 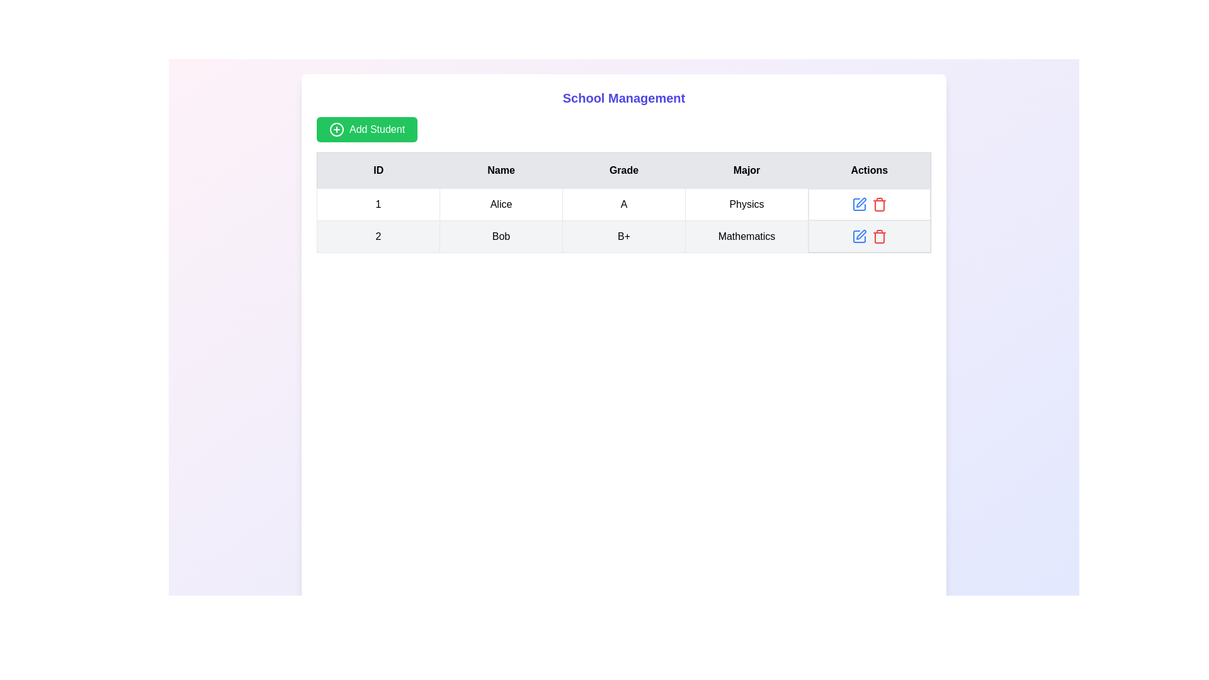 I want to click on the table cell containing the character 'A' in the row for student 'Alice', which is the third cell under the 'Grade' column, so click(x=623, y=203).